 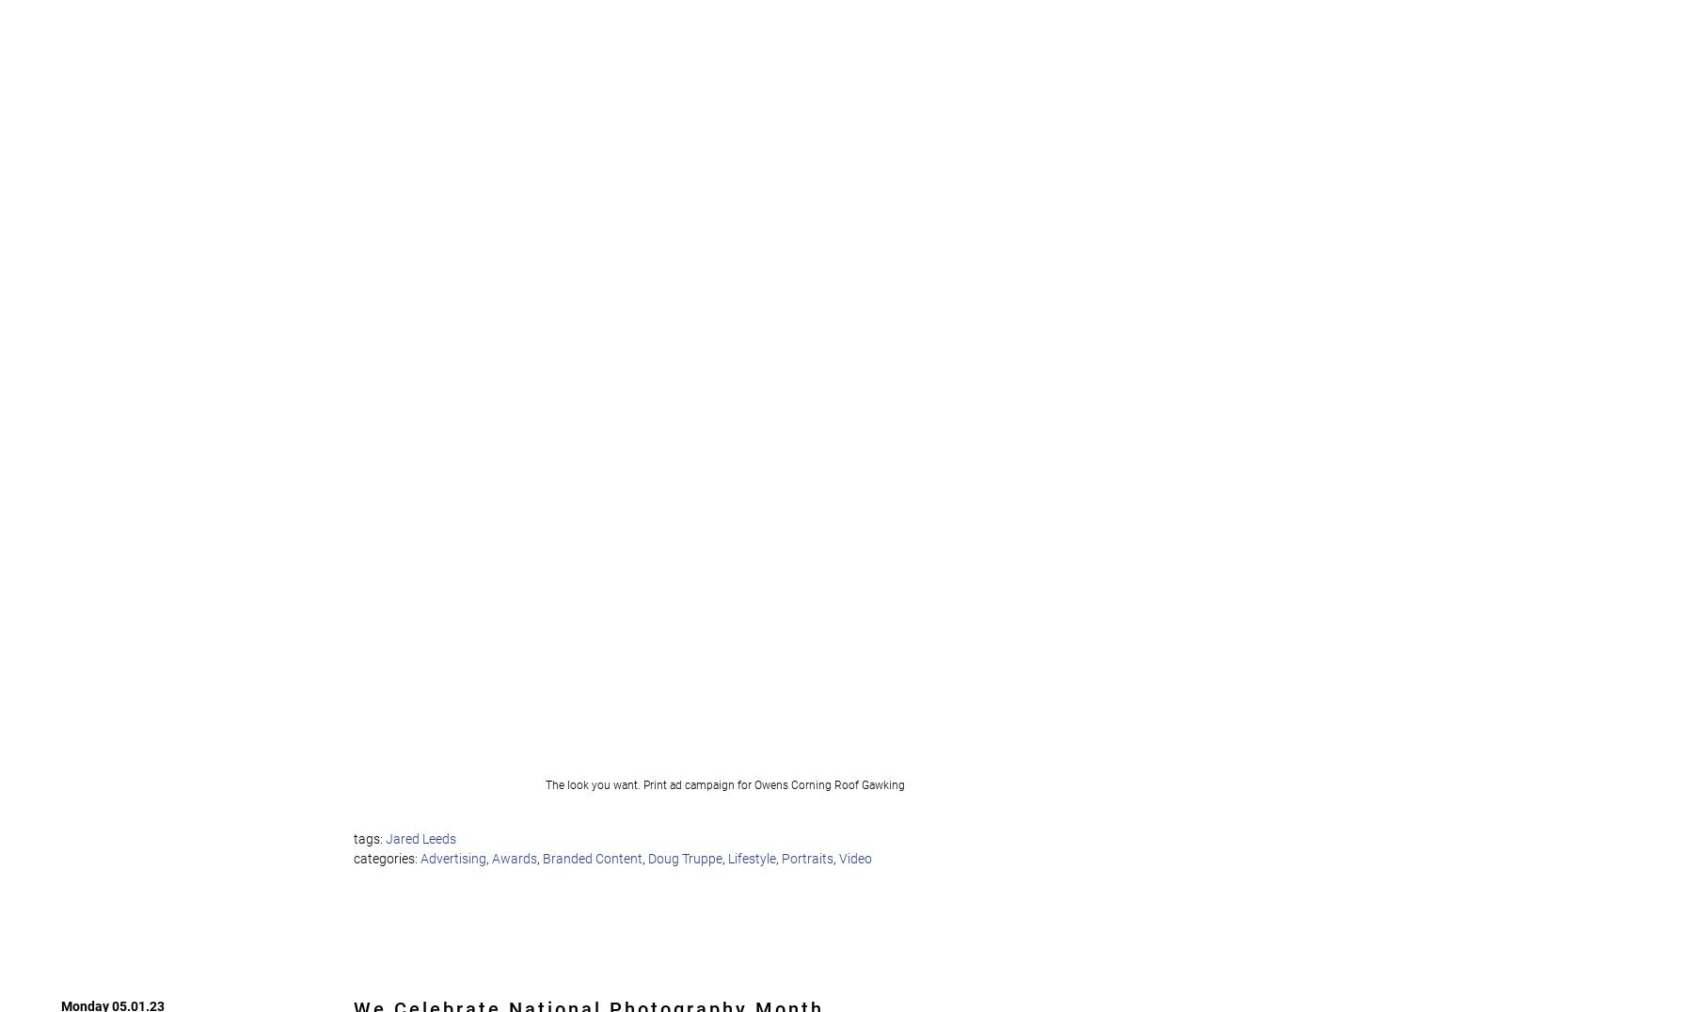 What do you see at coordinates (782, 857) in the screenshot?
I see `'Portraits'` at bounding box center [782, 857].